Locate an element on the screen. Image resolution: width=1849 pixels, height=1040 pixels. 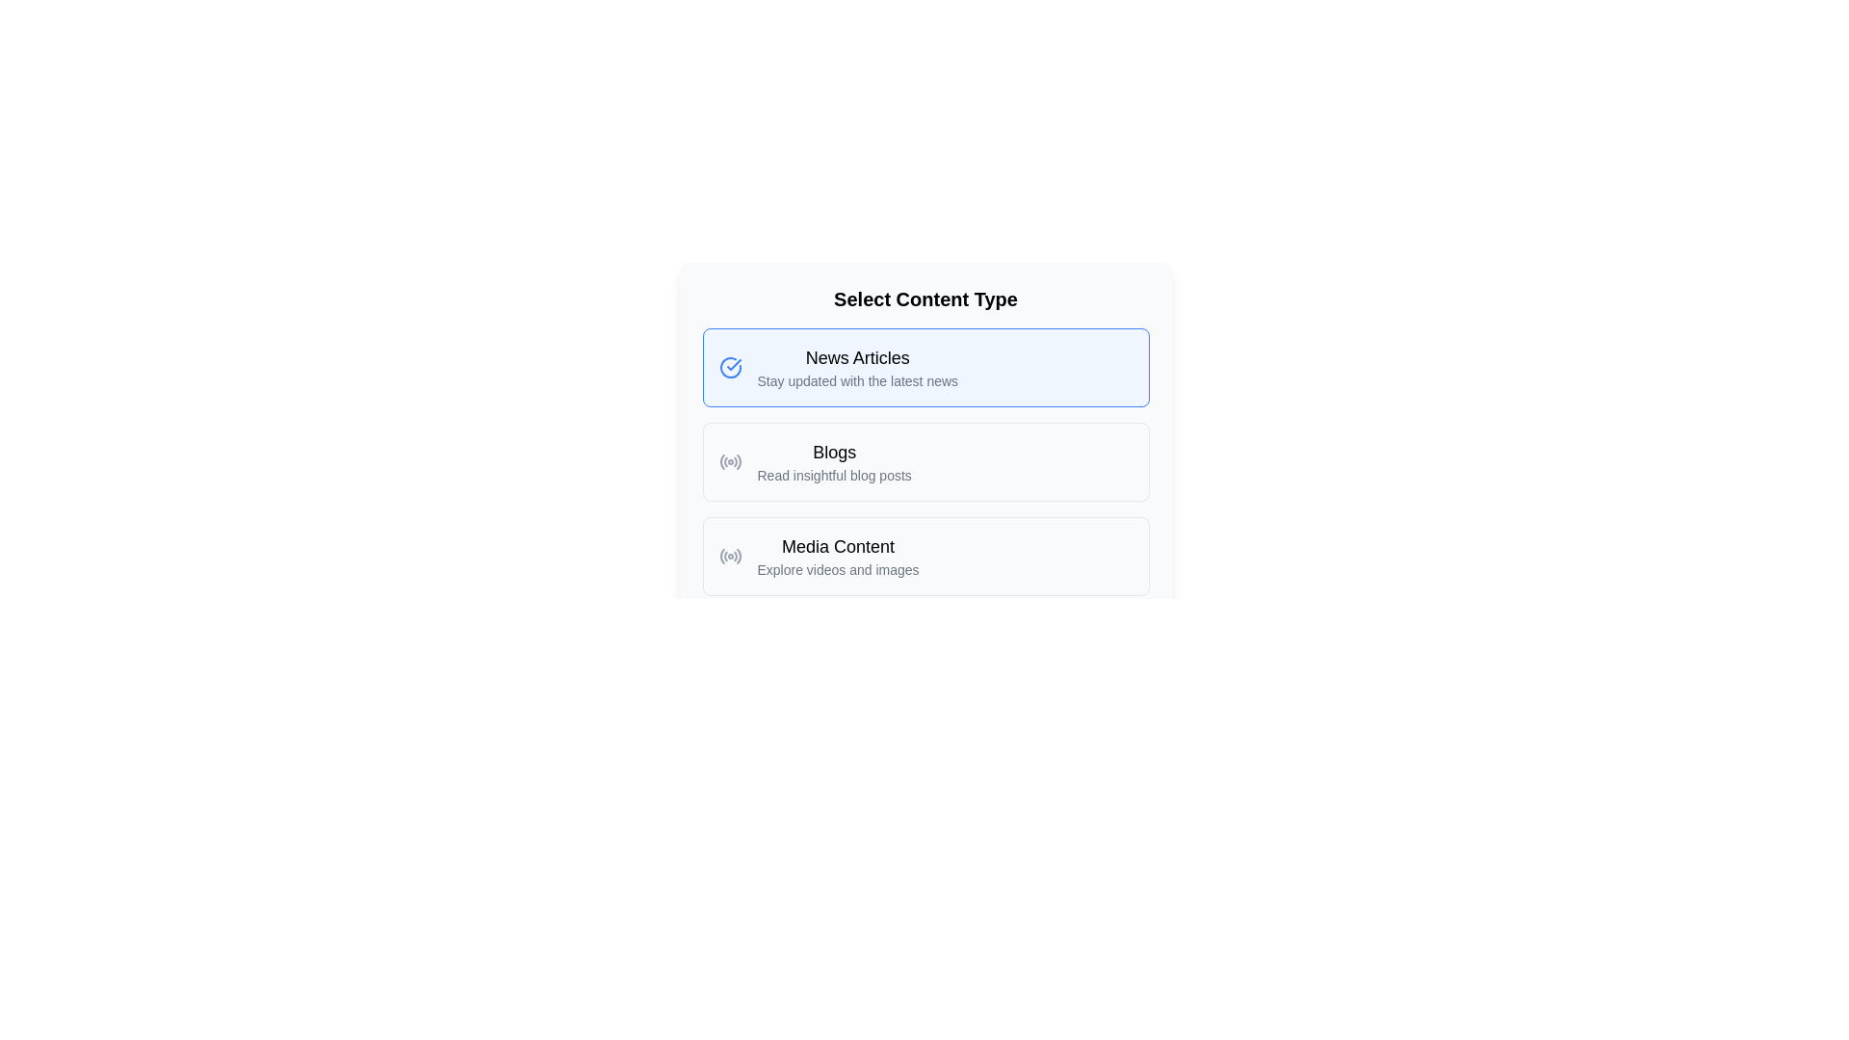
the second selectable option in the list titled 'Select Content Type' is located at coordinates (925, 461).